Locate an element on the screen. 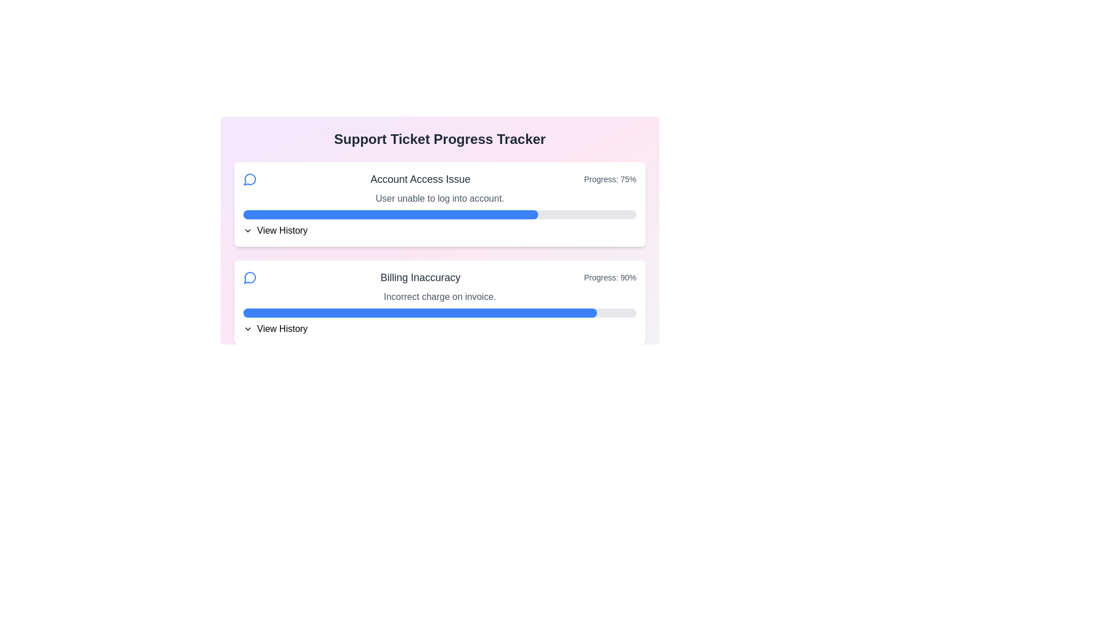 The height and width of the screenshot is (617, 1097). the text label that provides a brief description of the issue being tracked, located in the second card under the 'Billing Inaccuracy' section, positioned between the progress summary and the progress bar is located at coordinates (439, 297).